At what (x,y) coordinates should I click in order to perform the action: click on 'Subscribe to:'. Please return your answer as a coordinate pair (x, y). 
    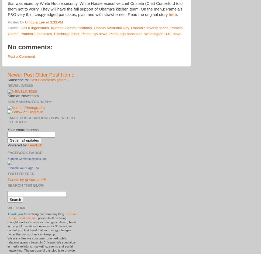
    Looking at the image, I should click on (18, 80).